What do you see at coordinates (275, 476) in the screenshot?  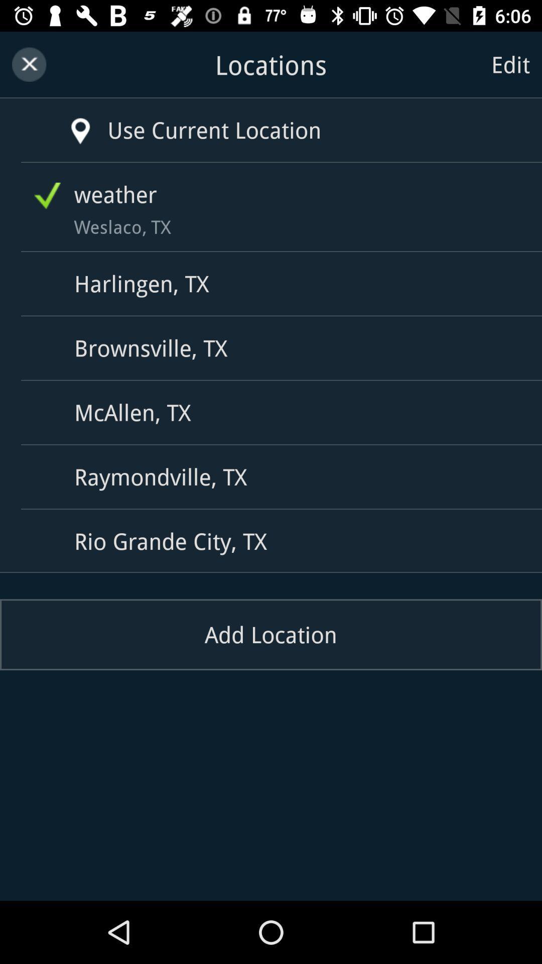 I see `text below mcallentx text` at bounding box center [275, 476].